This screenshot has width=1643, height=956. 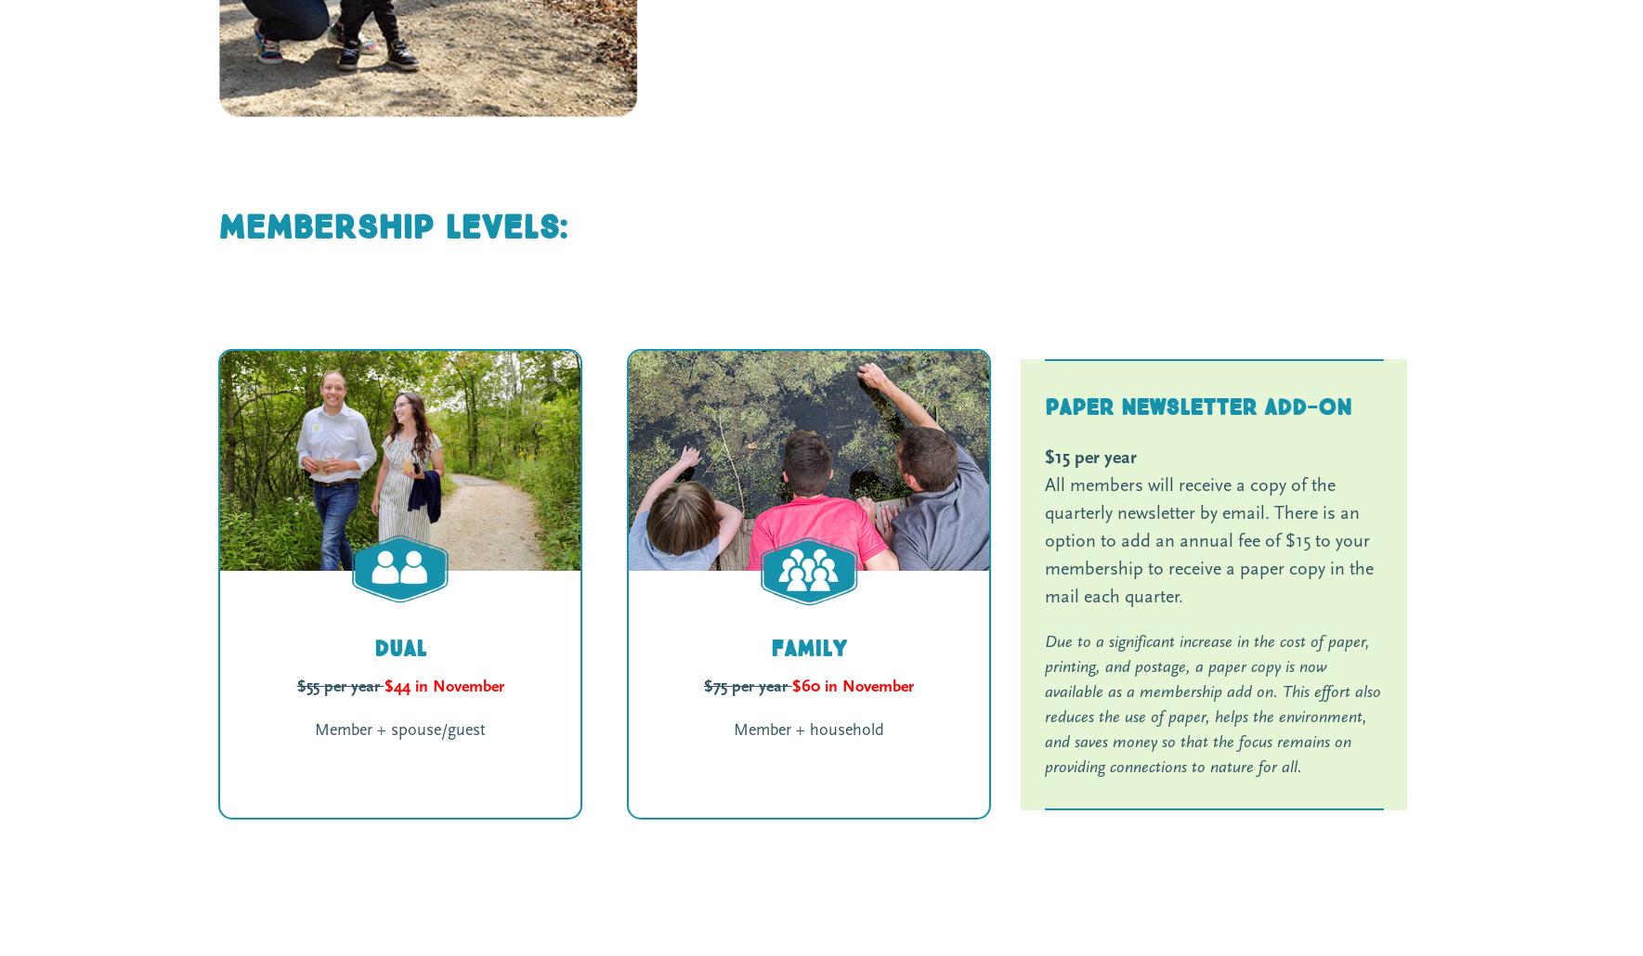 What do you see at coordinates (1197, 406) in the screenshot?
I see `'Paper Newsletter Add-on'` at bounding box center [1197, 406].